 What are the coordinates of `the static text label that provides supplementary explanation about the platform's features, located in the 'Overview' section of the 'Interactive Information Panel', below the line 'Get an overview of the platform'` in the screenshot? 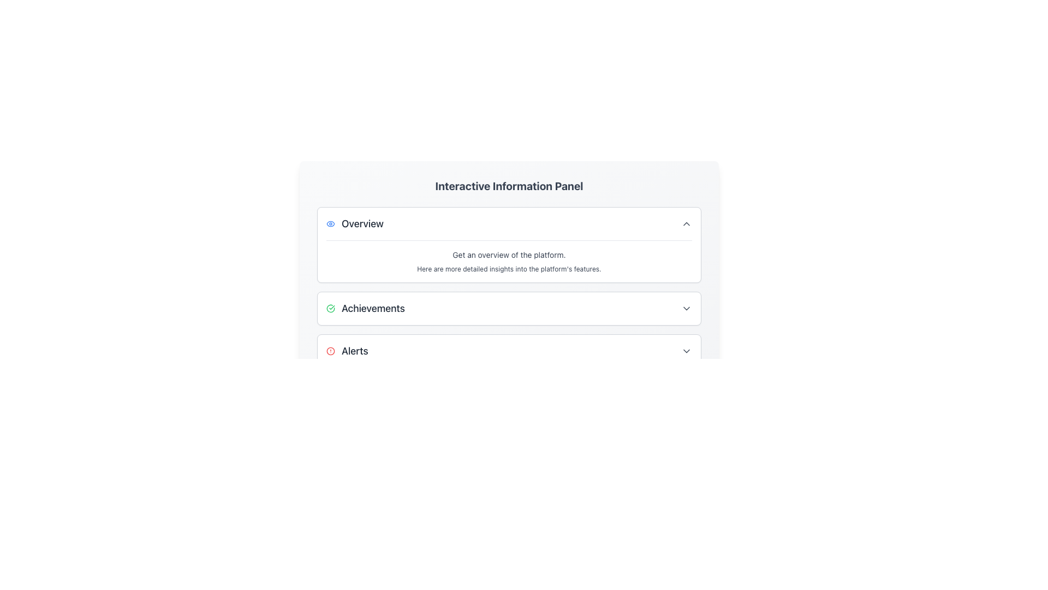 It's located at (508, 269).